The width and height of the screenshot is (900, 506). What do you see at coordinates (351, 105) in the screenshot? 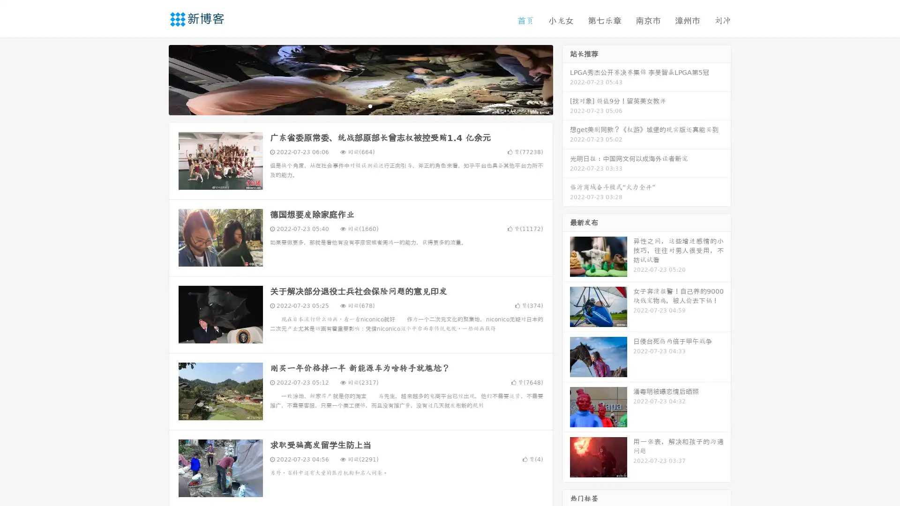
I see `Go to slide 1` at bounding box center [351, 105].